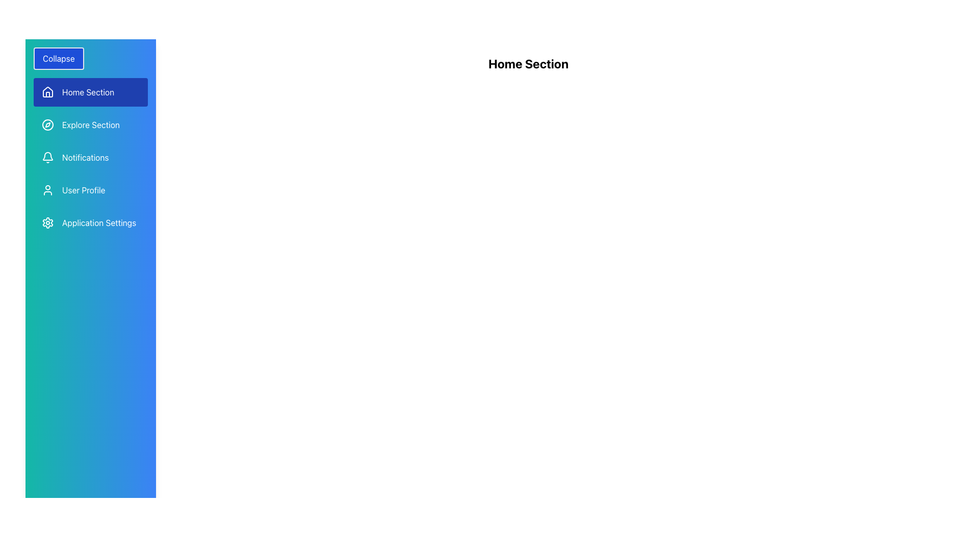  Describe the element at coordinates (85, 157) in the screenshot. I see `the 'Notifications' text in the vertical navigation sidebar, located under 'Explore Section' and above 'User Profile'` at that location.